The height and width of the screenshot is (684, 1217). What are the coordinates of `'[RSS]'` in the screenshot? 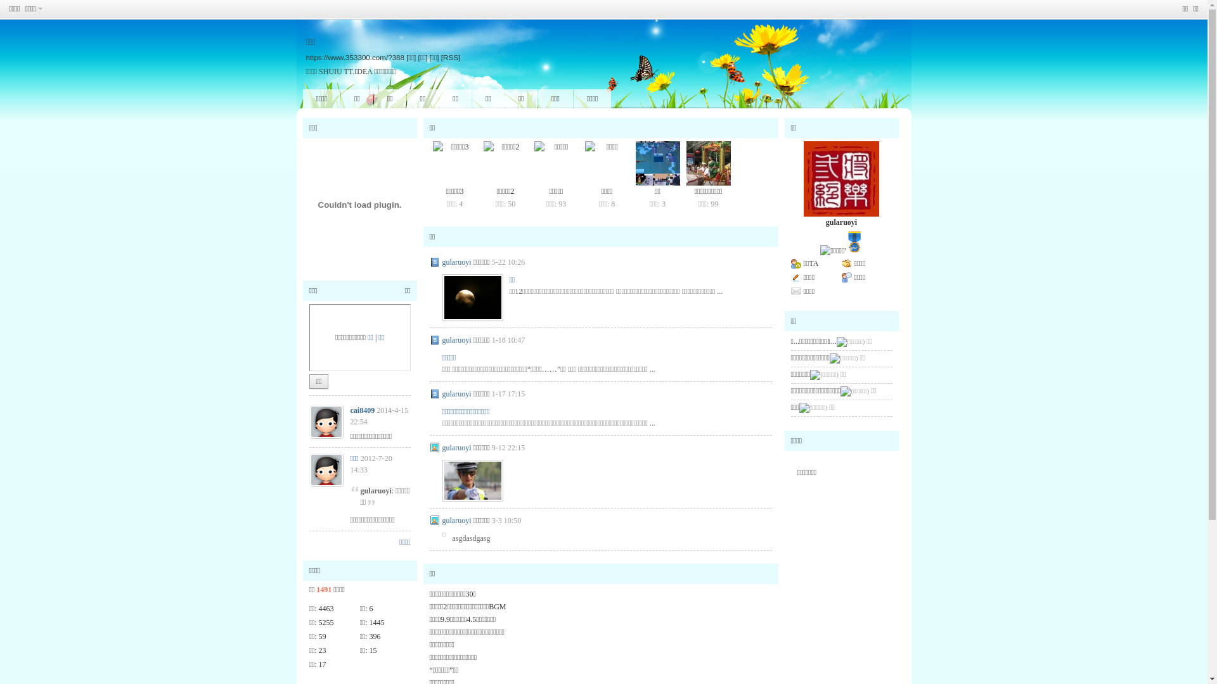 It's located at (450, 57).